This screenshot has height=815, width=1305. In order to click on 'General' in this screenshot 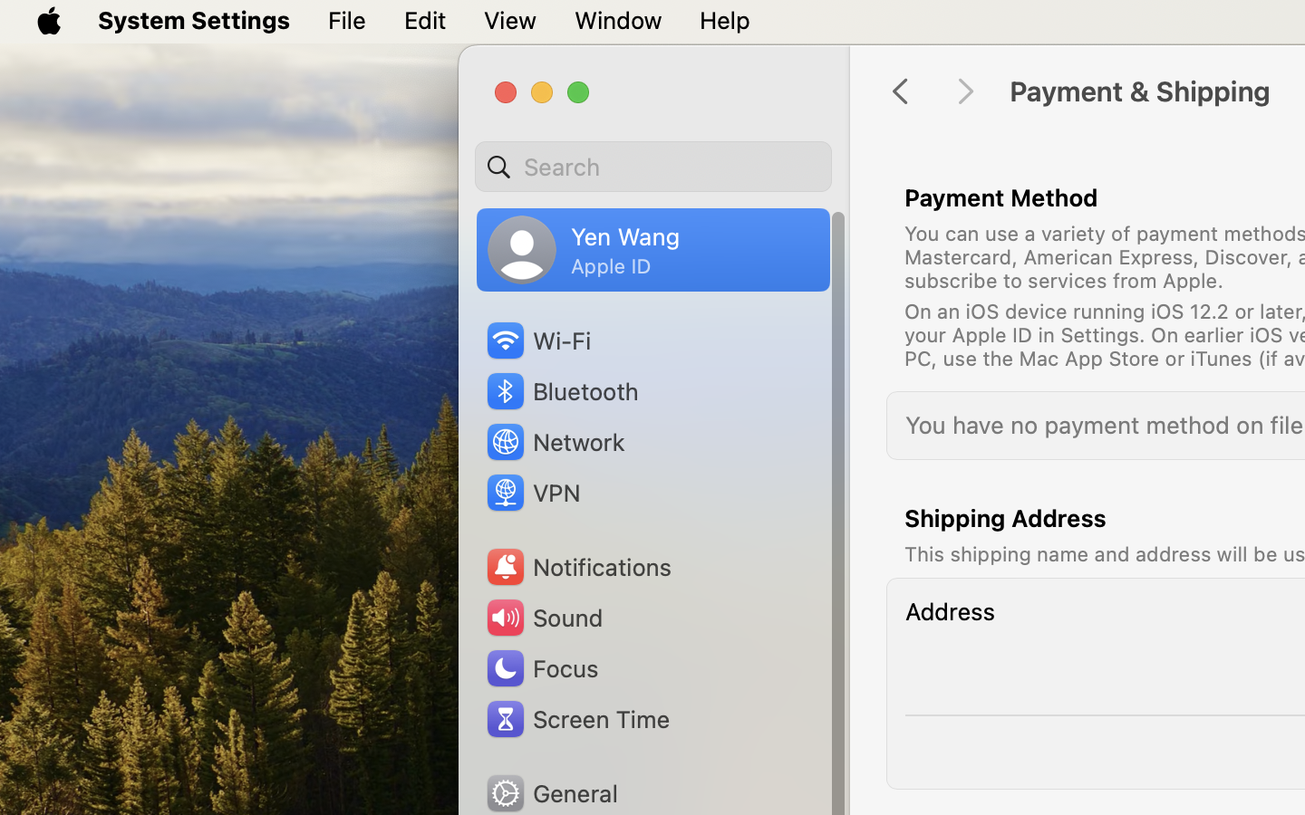, I will do `click(549, 792)`.